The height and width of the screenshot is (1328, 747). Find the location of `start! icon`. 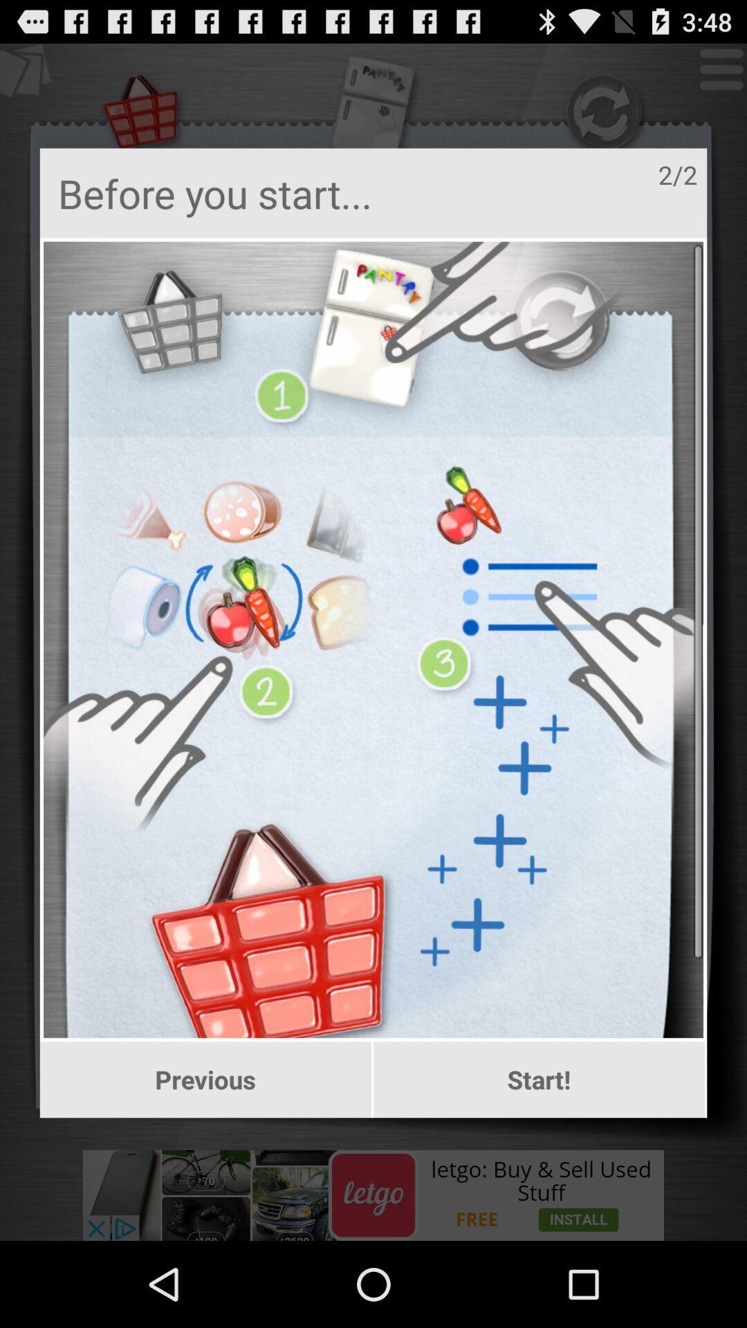

start! icon is located at coordinates (538, 1079).